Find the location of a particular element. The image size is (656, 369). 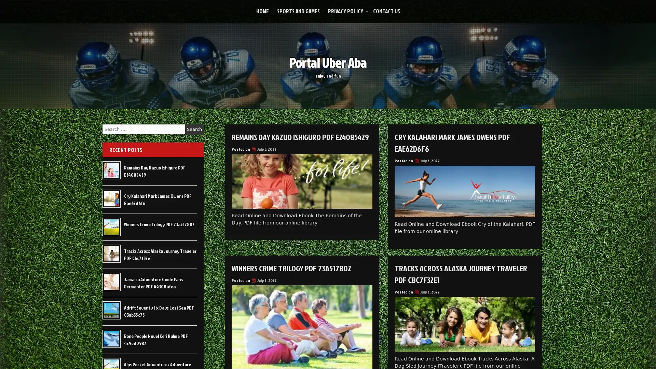

Search is located at coordinates (194, 129).